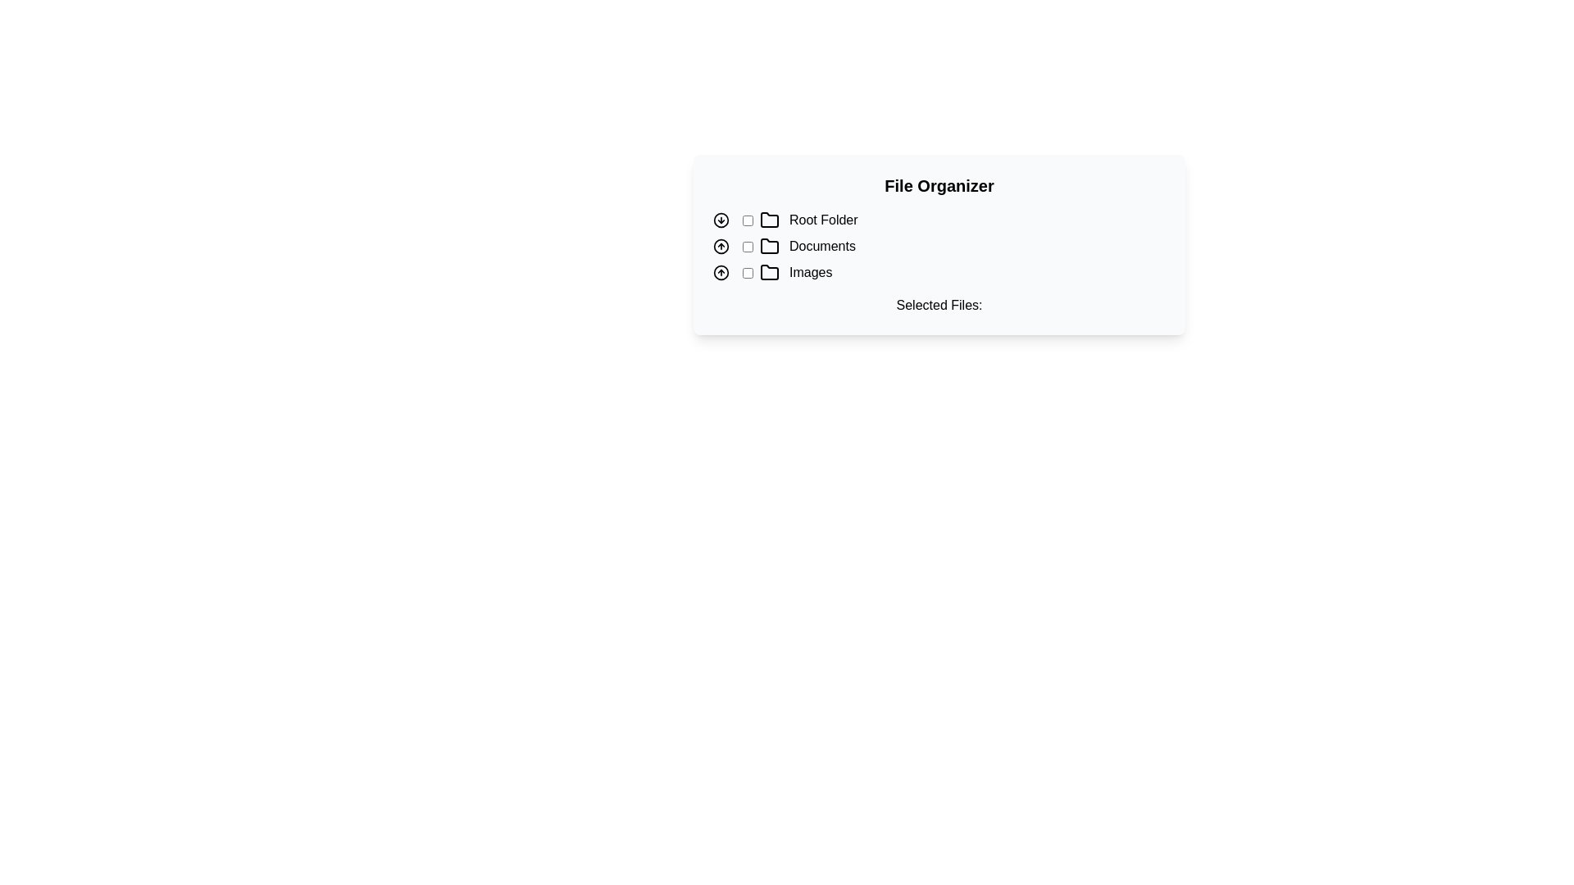  What do you see at coordinates (721, 220) in the screenshot?
I see `the circular icon indicating the 'Root Folder' option` at bounding box center [721, 220].